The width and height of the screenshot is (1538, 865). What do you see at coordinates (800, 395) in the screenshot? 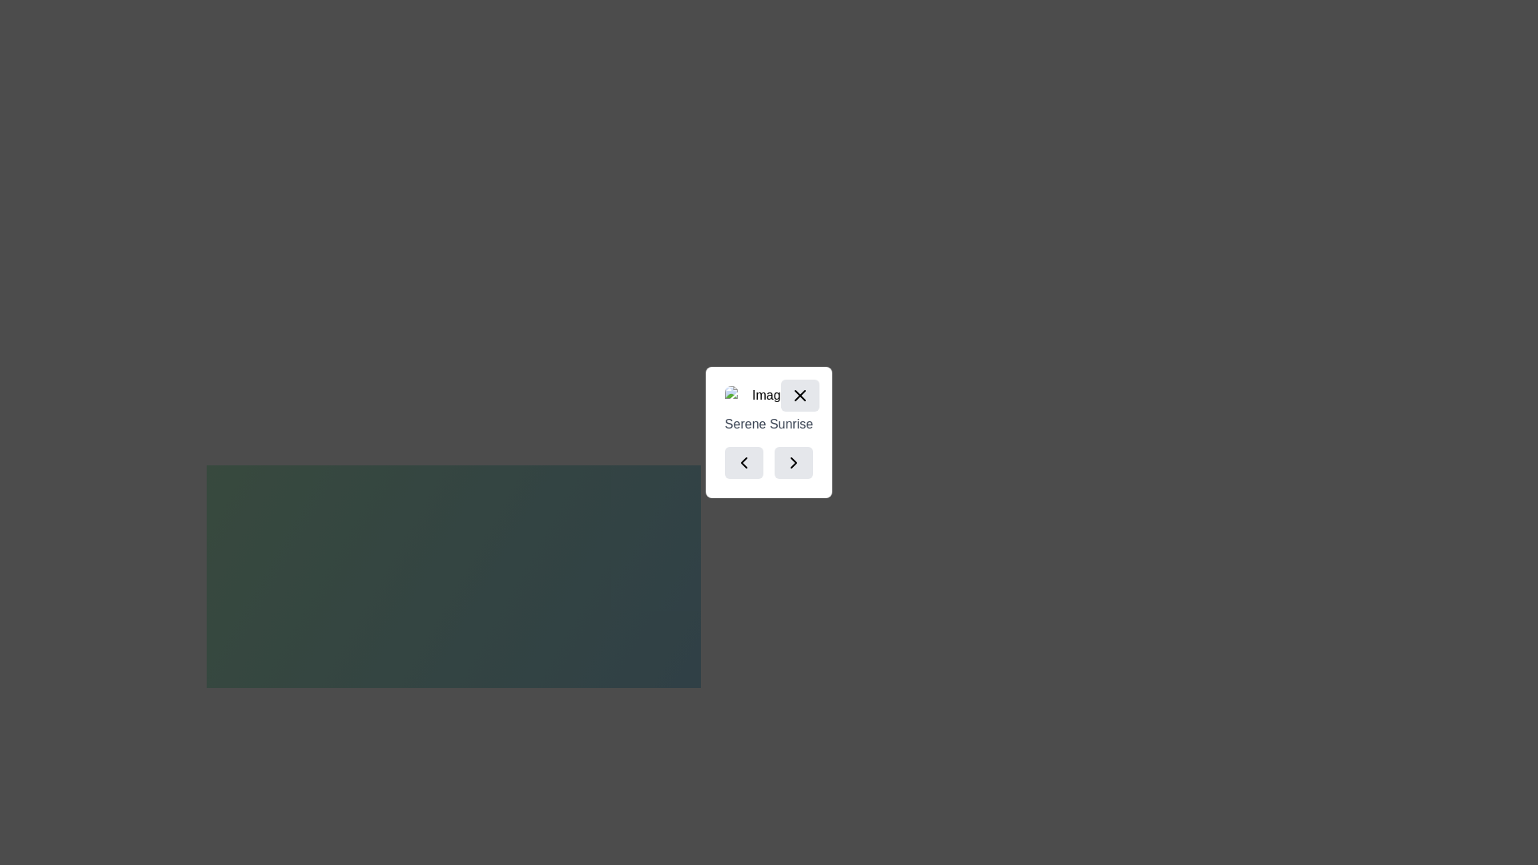
I see `the 'X' icon element located at the top-right corner of the modal` at bounding box center [800, 395].